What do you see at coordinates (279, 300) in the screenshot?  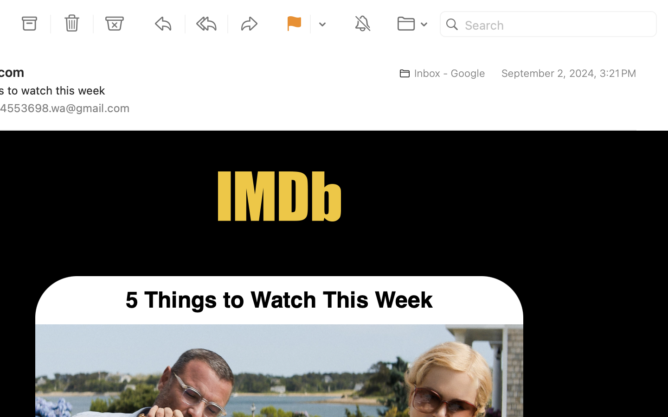 I see `'5 Things to Watch This Week'` at bounding box center [279, 300].